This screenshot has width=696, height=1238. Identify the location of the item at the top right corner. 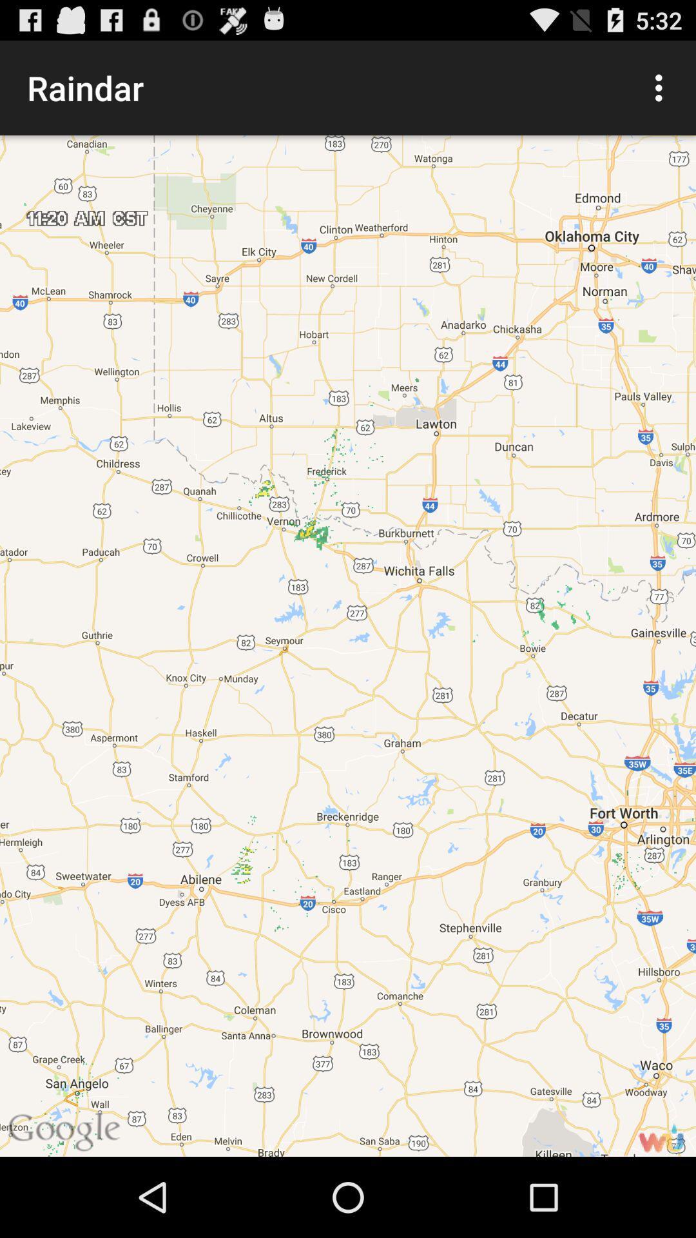
(662, 87).